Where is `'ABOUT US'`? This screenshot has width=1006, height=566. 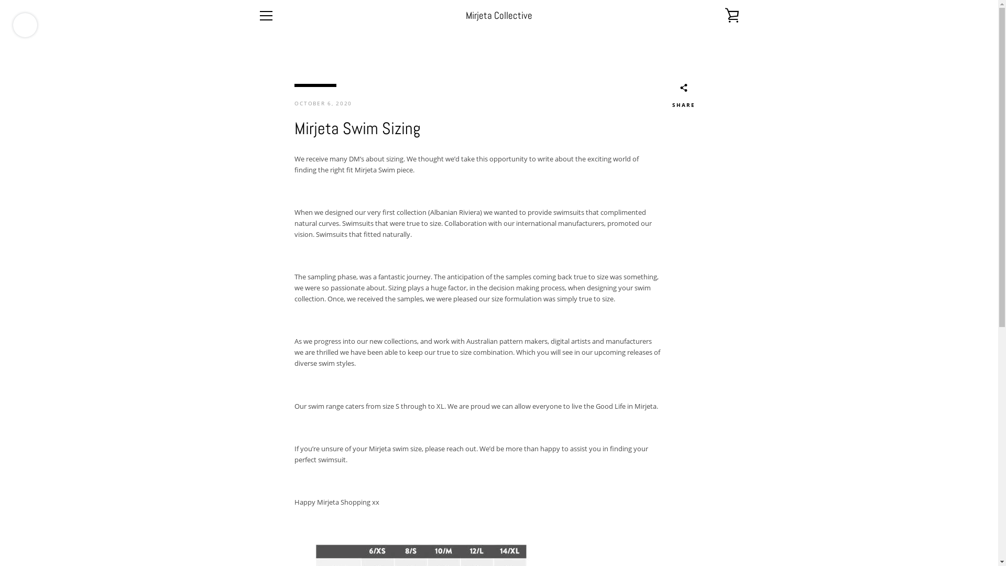 'ABOUT US' is located at coordinates (274, 443).